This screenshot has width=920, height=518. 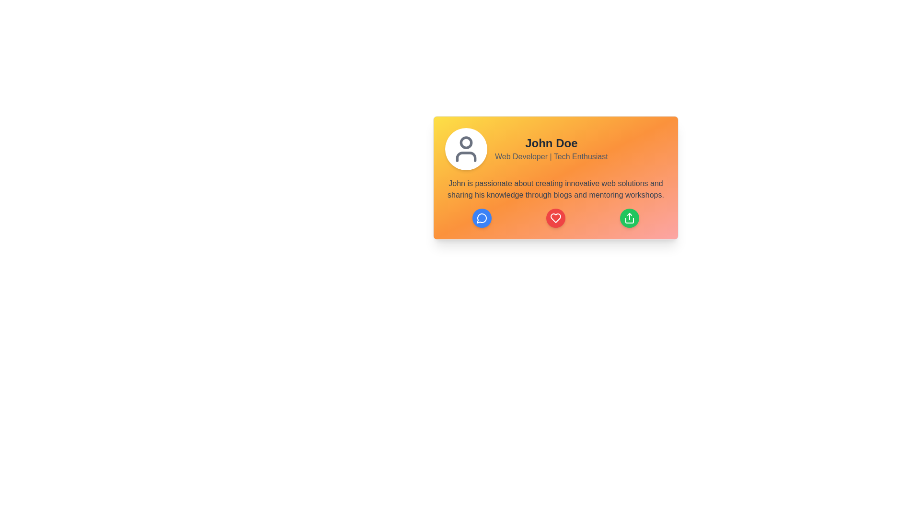 What do you see at coordinates (481, 218) in the screenshot?
I see `the leftmost interactive SVG-based icon in the lower left corner of the interactive card` at bounding box center [481, 218].